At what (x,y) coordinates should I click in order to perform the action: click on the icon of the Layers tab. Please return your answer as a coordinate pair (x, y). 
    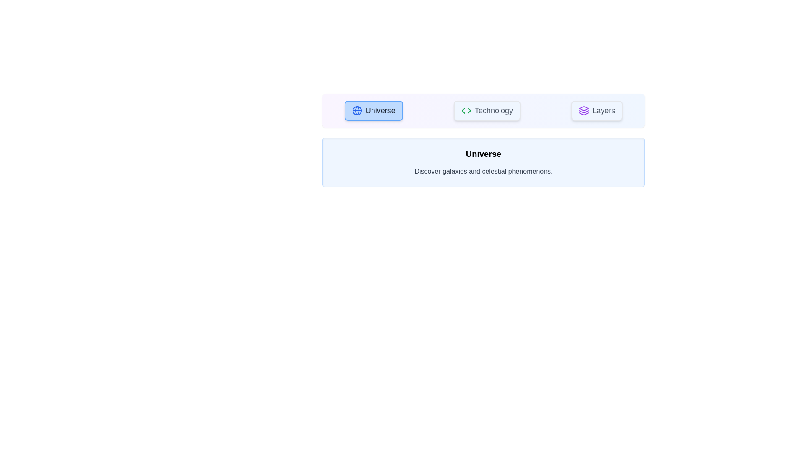
    Looking at the image, I should click on (584, 110).